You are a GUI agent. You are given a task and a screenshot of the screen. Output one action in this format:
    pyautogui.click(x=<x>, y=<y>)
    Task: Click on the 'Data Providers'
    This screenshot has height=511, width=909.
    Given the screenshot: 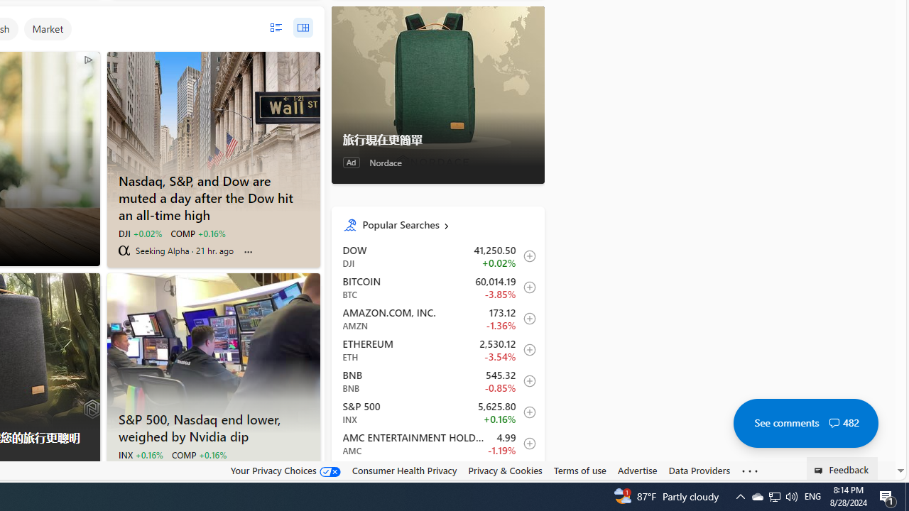 What is the action you would take?
    pyautogui.click(x=699, y=471)
    